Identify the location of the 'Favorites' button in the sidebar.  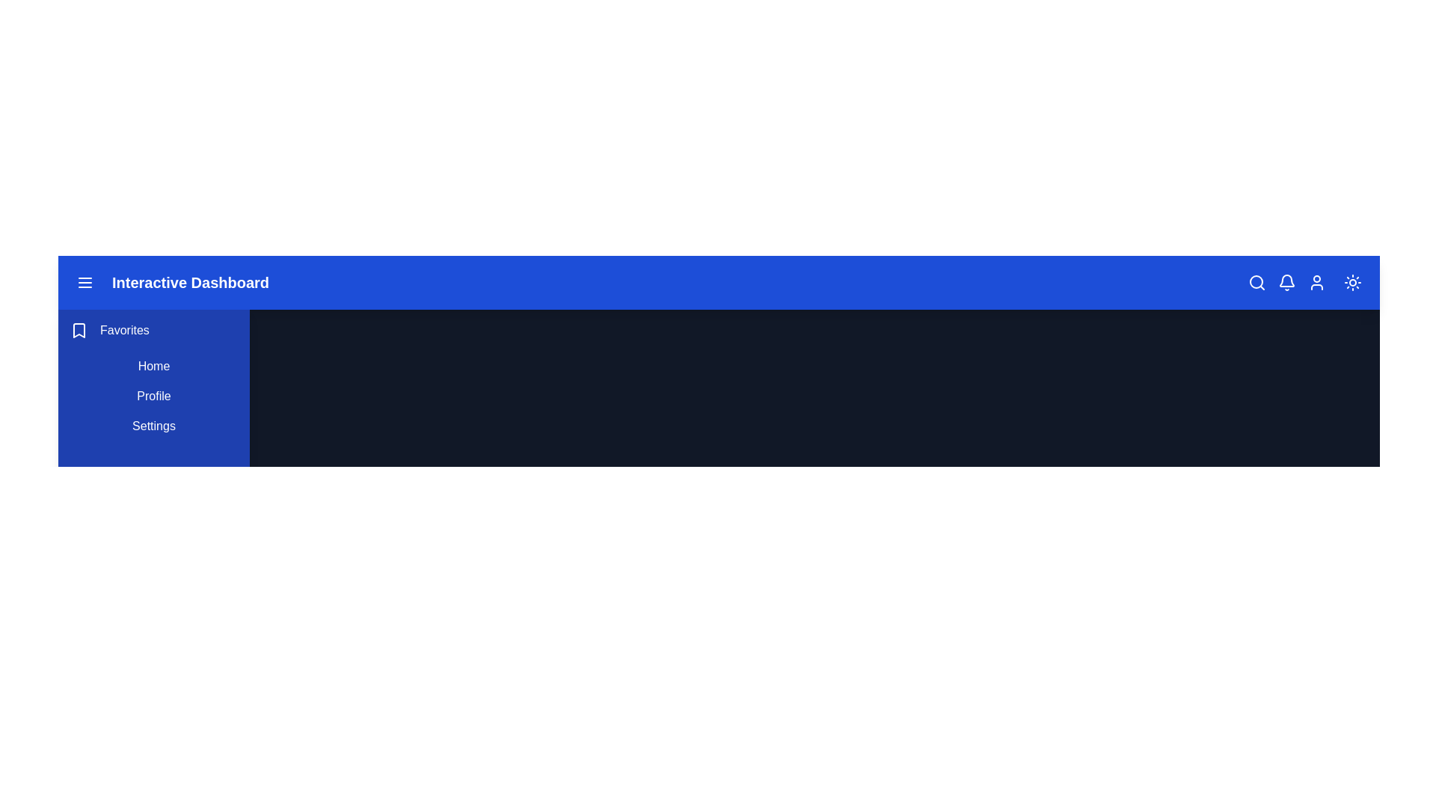
(78, 330).